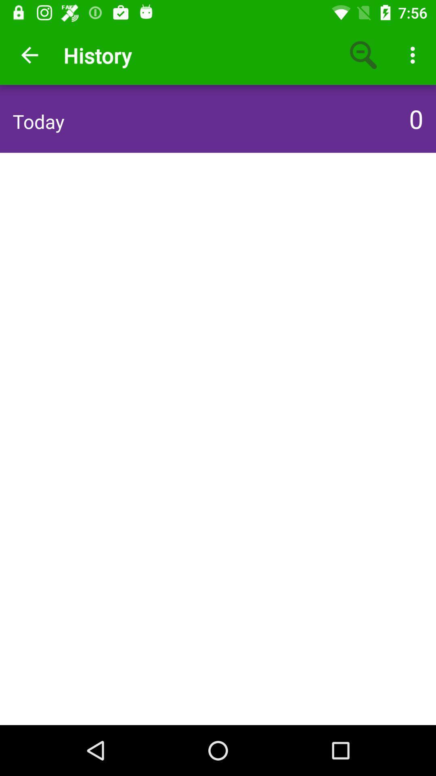  Describe the element at coordinates (364, 55) in the screenshot. I see `app next to history app` at that location.